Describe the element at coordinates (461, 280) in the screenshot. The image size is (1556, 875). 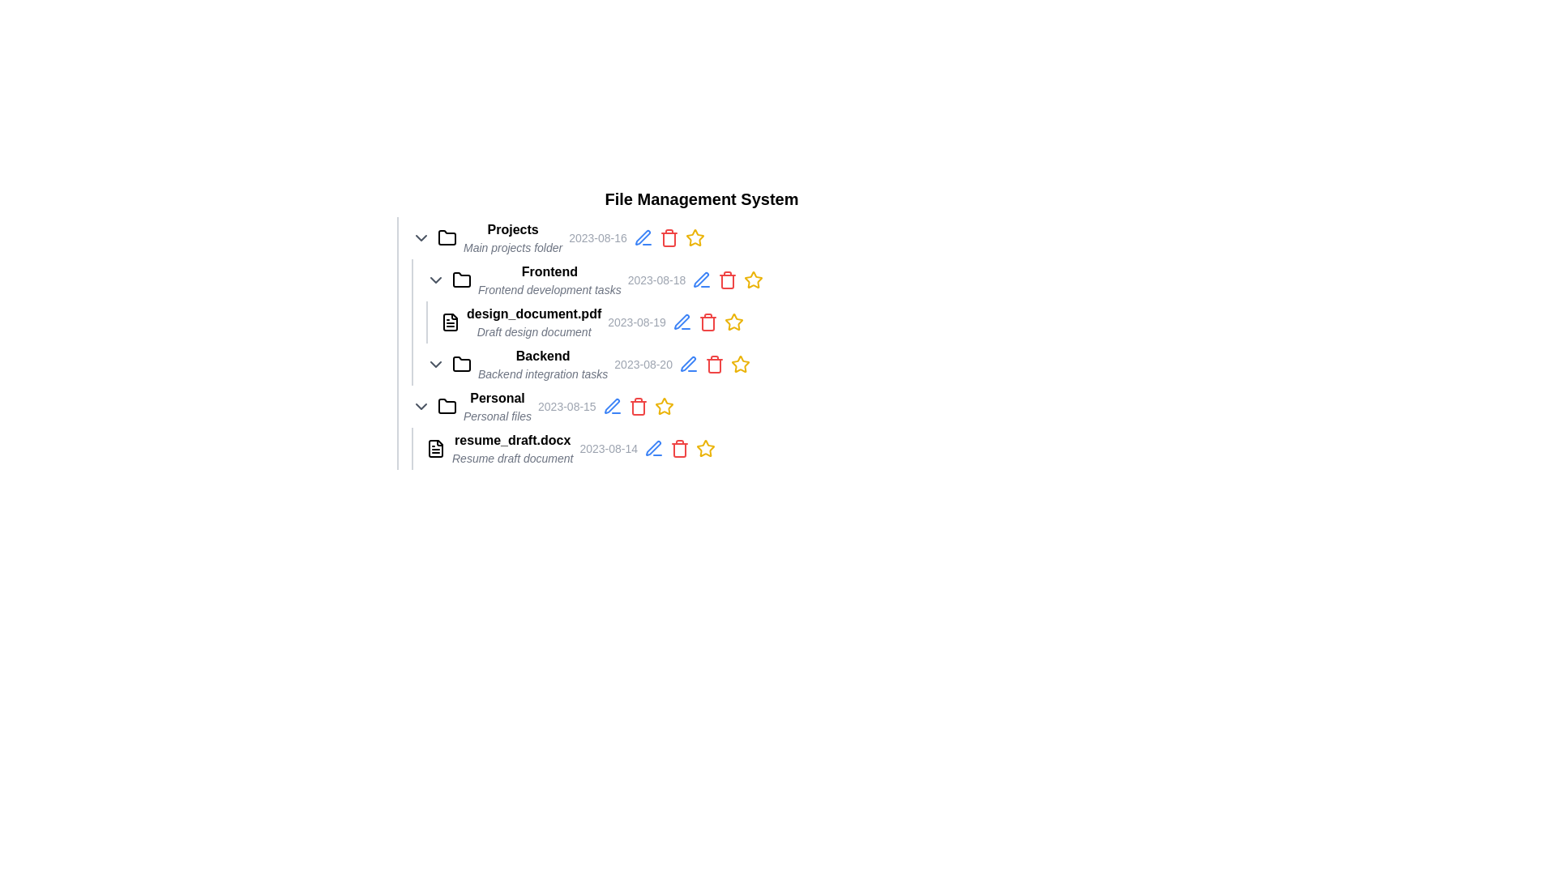
I see `the folder icon located` at that location.